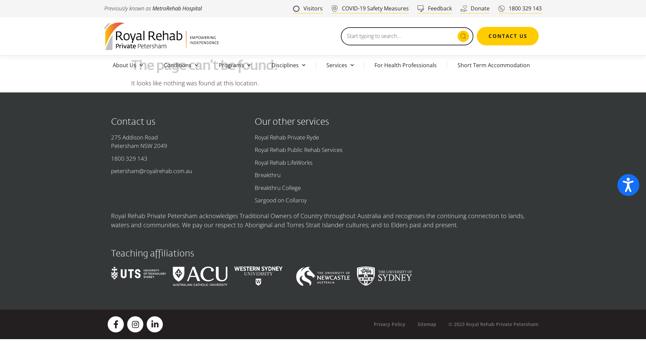 This screenshot has height=363, width=646. I want to click on 'MetroRehab Hospital', so click(152, 8).